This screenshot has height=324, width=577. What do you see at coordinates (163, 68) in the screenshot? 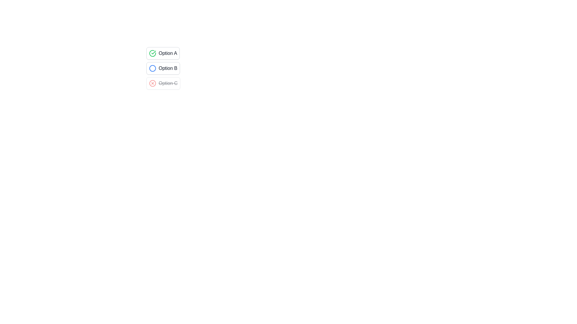
I see `the radio button labeled 'Option B'` at bounding box center [163, 68].